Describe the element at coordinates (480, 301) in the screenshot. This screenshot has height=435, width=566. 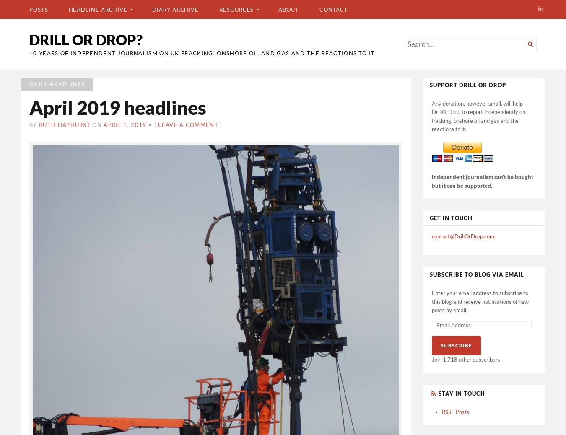
I see `'Enter your email address to subscribe to this blog and receive notifications of new posts by email.'` at that location.